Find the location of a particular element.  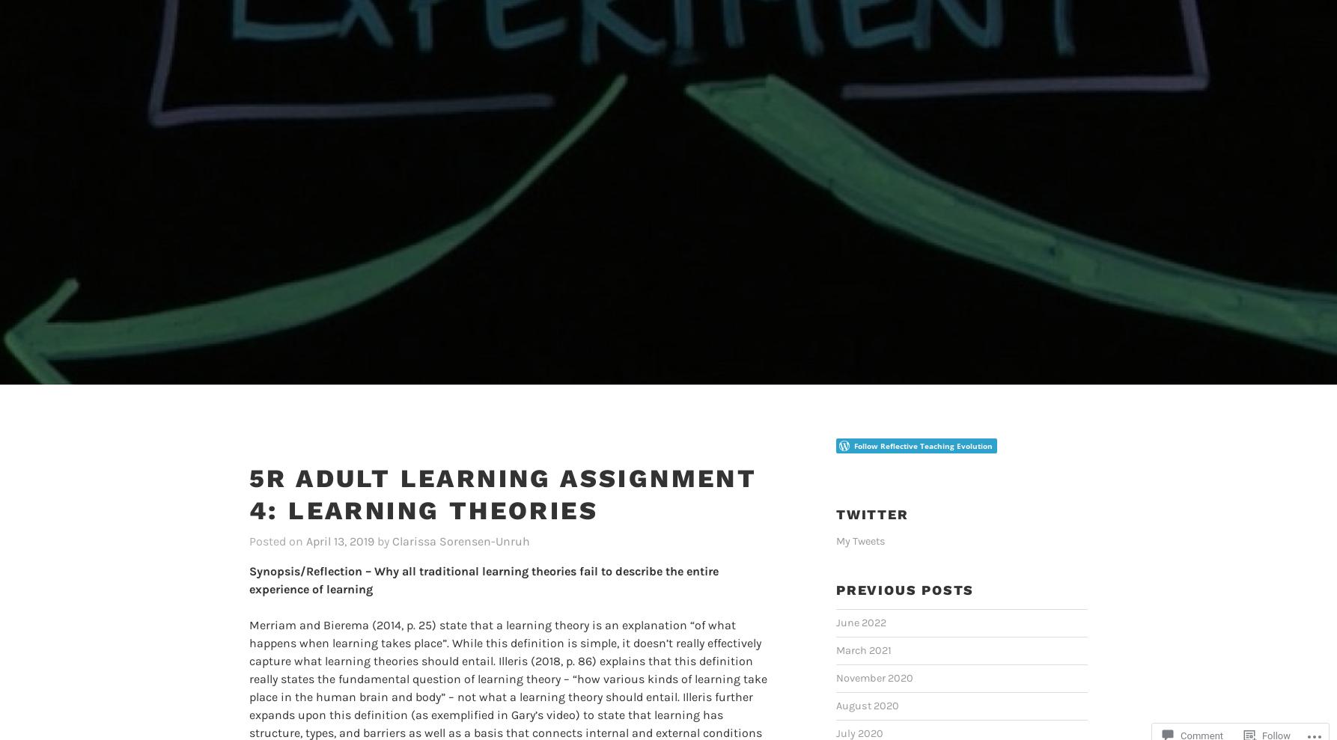

'November 2020' is located at coordinates (835, 654).